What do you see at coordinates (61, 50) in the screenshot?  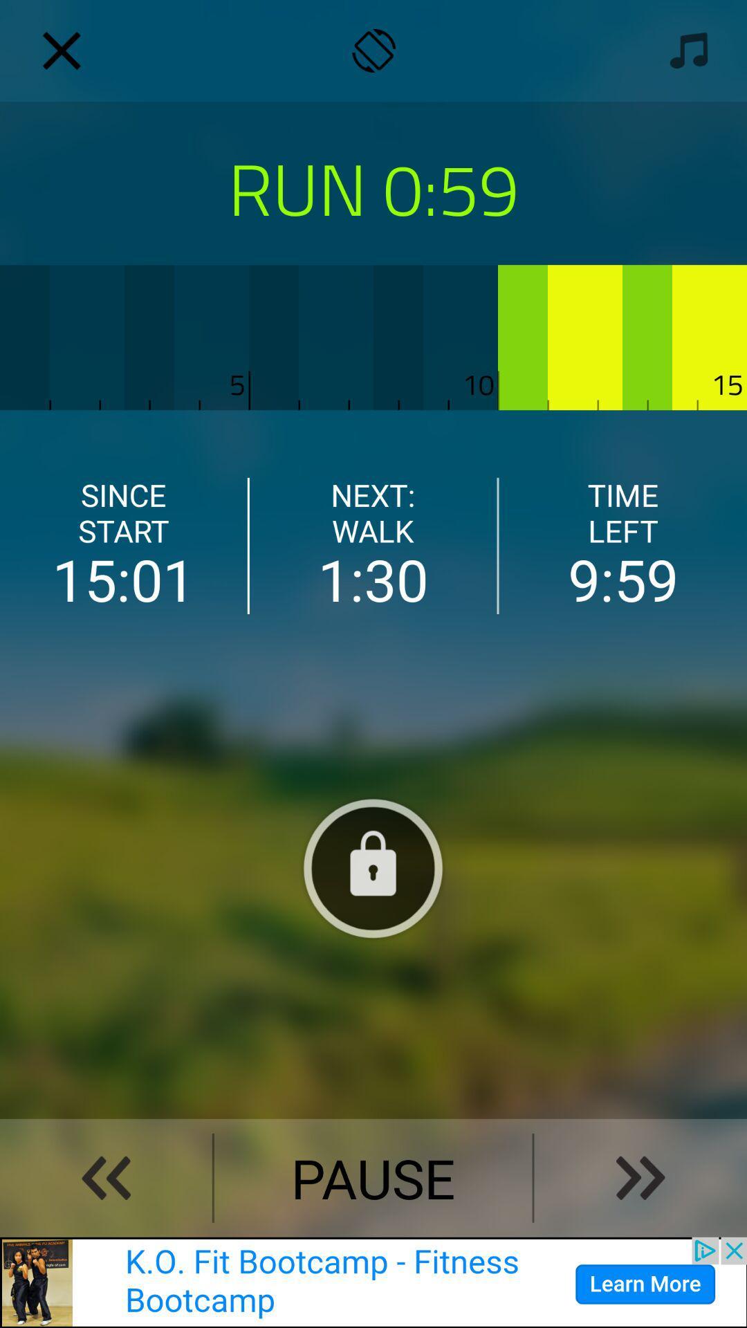 I see `out the screen` at bounding box center [61, 50].